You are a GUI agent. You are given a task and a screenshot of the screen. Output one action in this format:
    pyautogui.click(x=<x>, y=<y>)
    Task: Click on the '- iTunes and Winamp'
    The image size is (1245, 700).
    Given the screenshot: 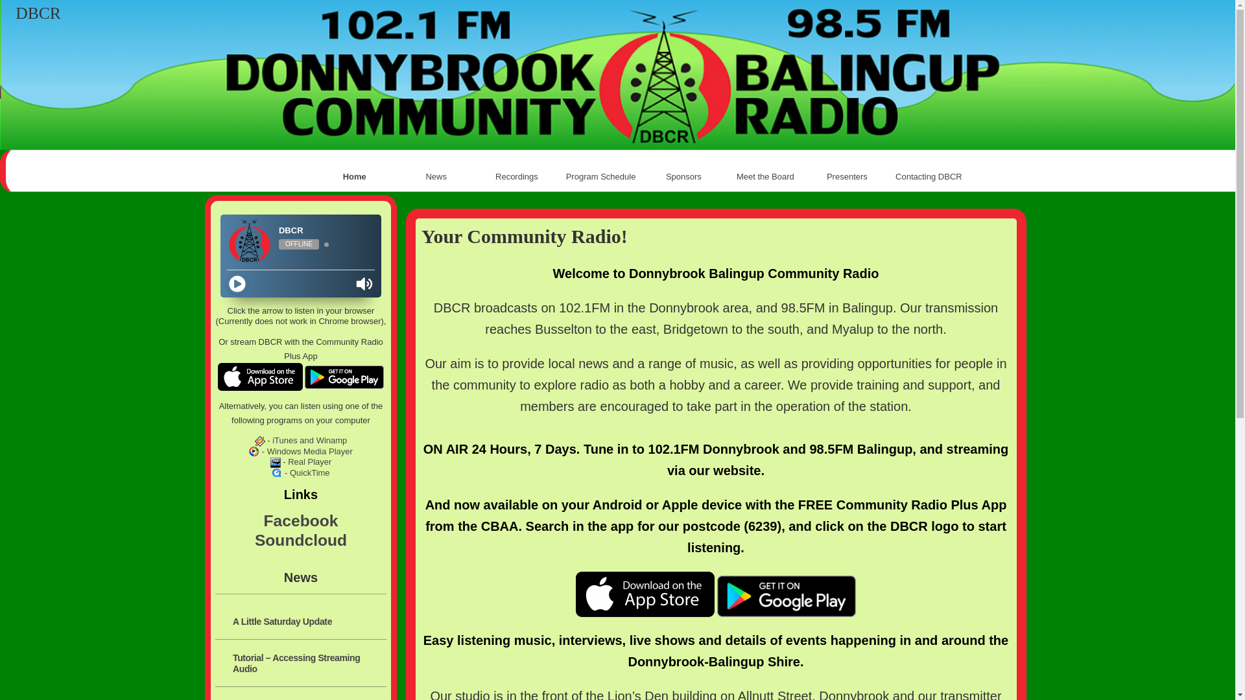 What is the action you would take?
    pyautogui.click(x=300, y=439)
    